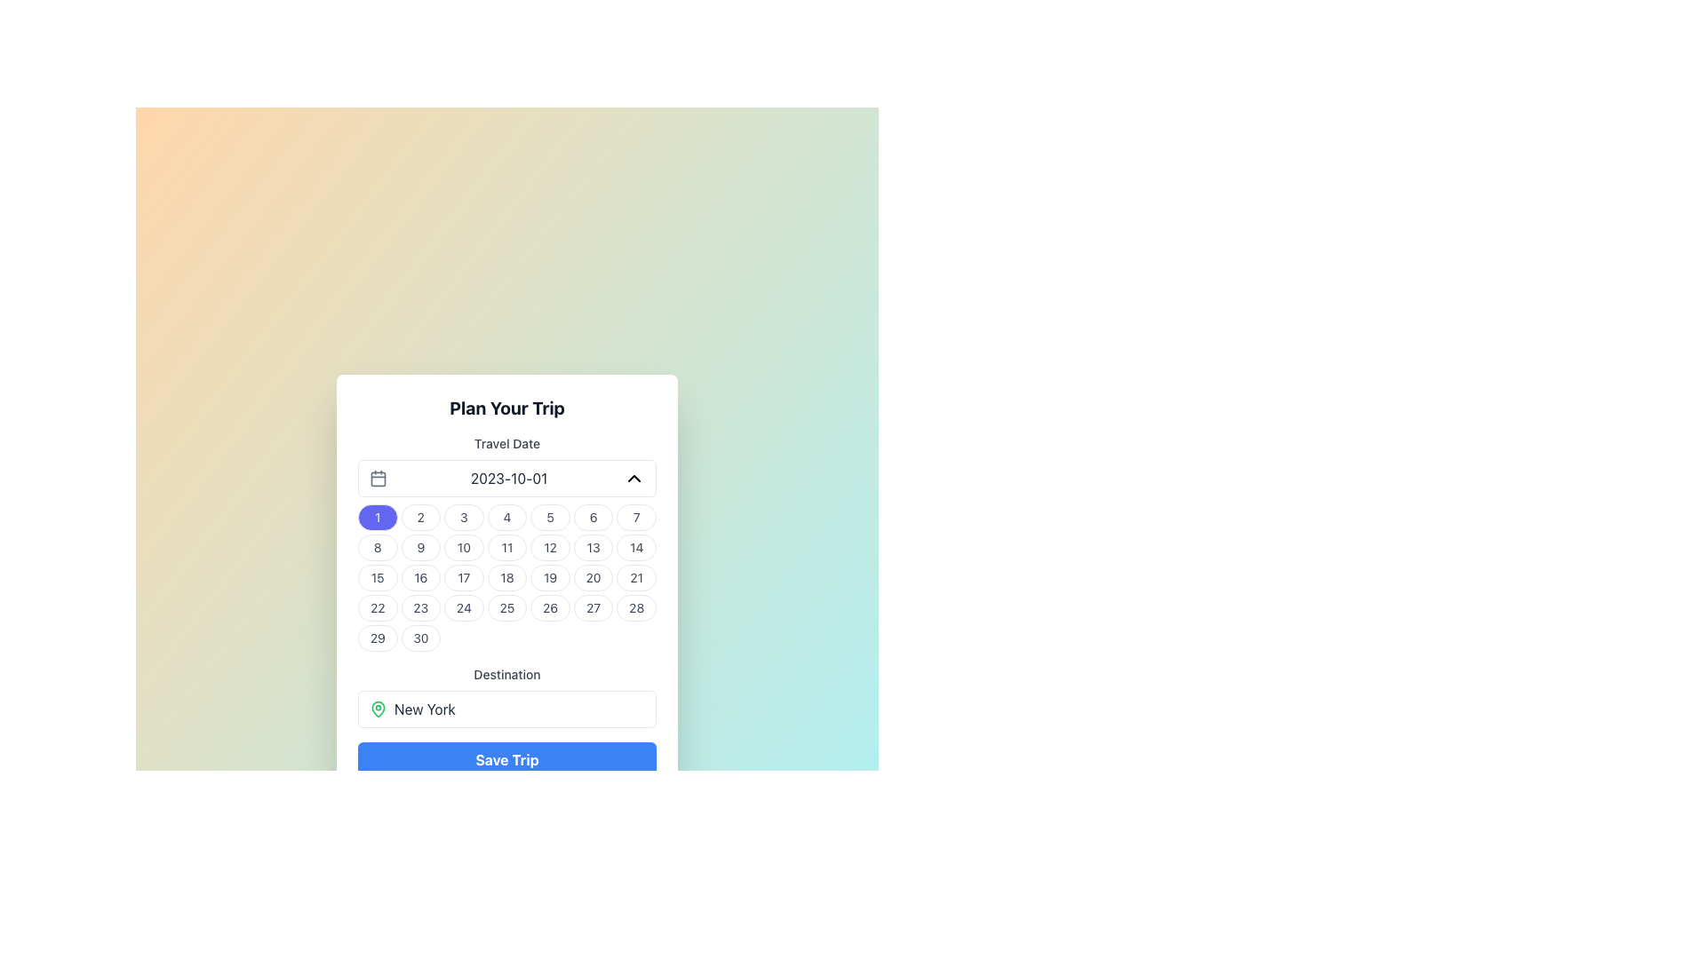  I want to click on the button representing the '1' date in the calendar grid, so click(377, 517).